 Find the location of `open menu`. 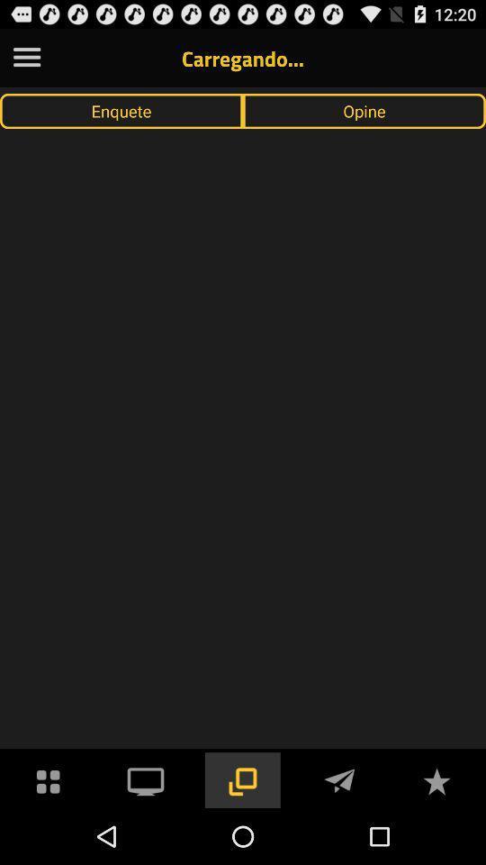

open menu is located at coordinates (26, 58).